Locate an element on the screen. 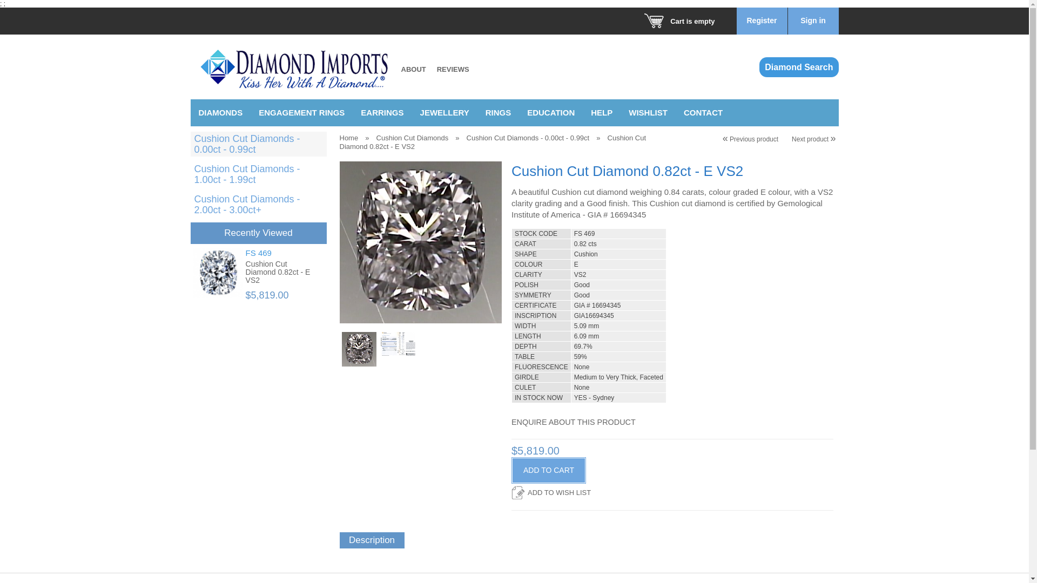  'Cushion Cut Diamond 0.82ct E VS2' is located at coordinates (358, 351).